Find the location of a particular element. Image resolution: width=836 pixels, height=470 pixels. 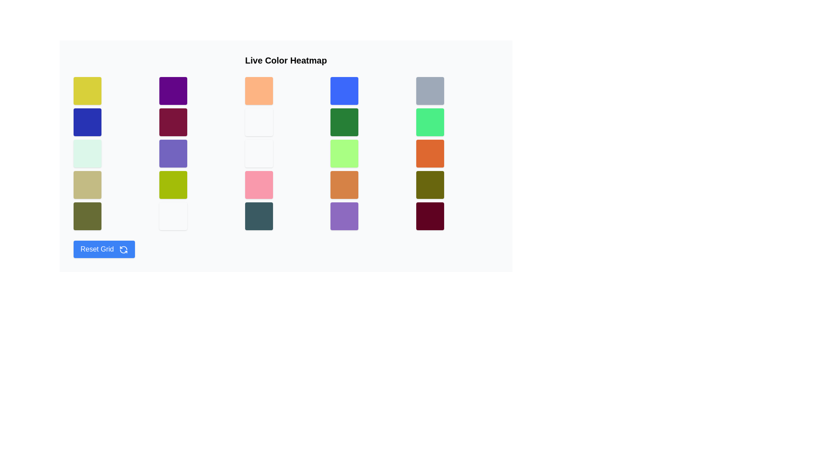

the square visual placeholder located in the third column and third row of the grid layout, which has a white background and rounded corners is located at coordinates (258, 153).